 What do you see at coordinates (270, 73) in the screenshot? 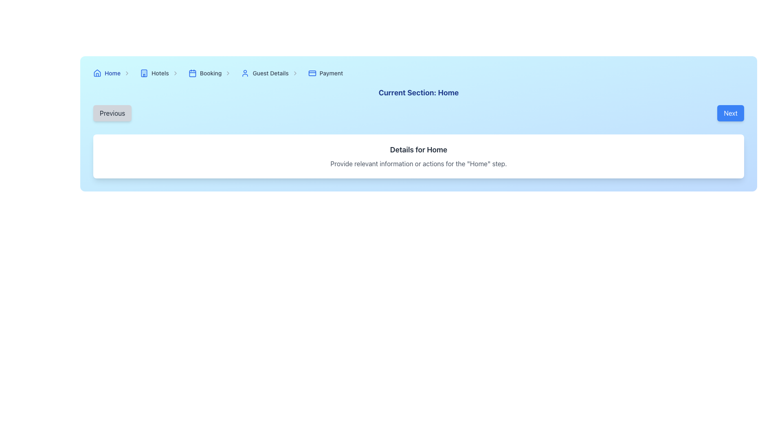
I see `the fourth breadcrumb item hyperlink that redirects to the 'Guest Details' page` at bounding box center [270, 73].